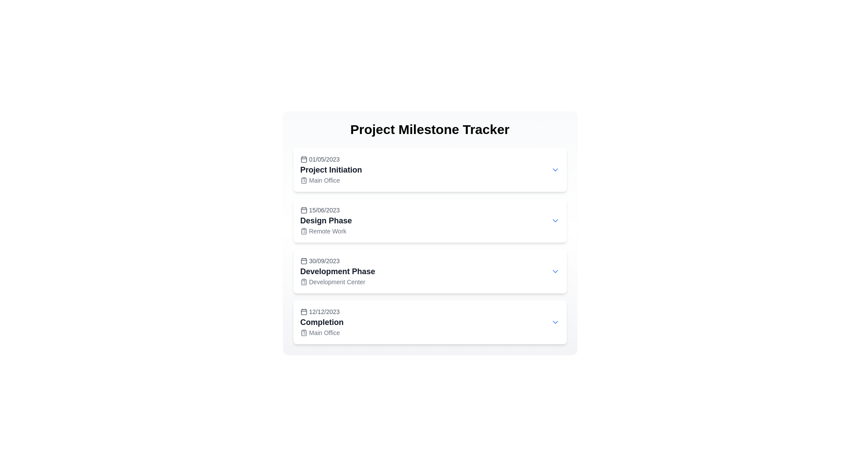  What do you see at coordinates (555, 170) in the screenshot?
I see `the Icon button located at the top-right corner of the 'Project Initiation' milestone card` at bounding box center [555, 170].